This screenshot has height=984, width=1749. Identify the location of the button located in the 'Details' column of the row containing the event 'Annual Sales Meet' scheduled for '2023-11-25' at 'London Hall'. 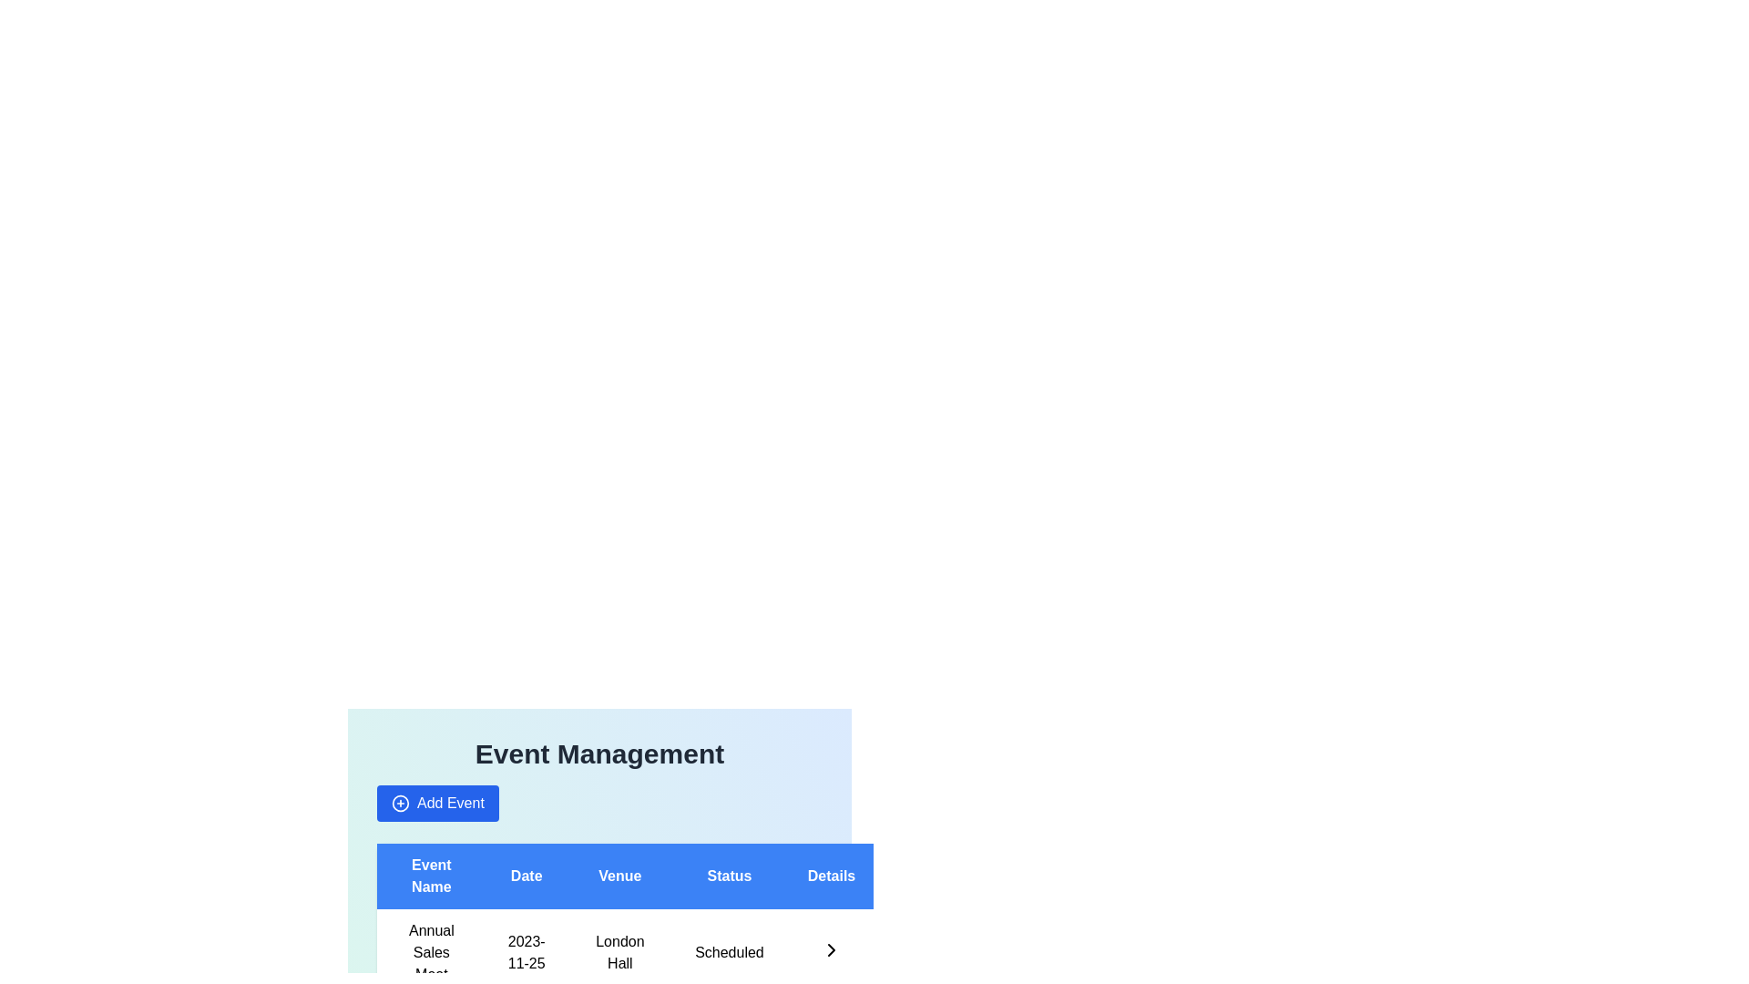
(830, 948).